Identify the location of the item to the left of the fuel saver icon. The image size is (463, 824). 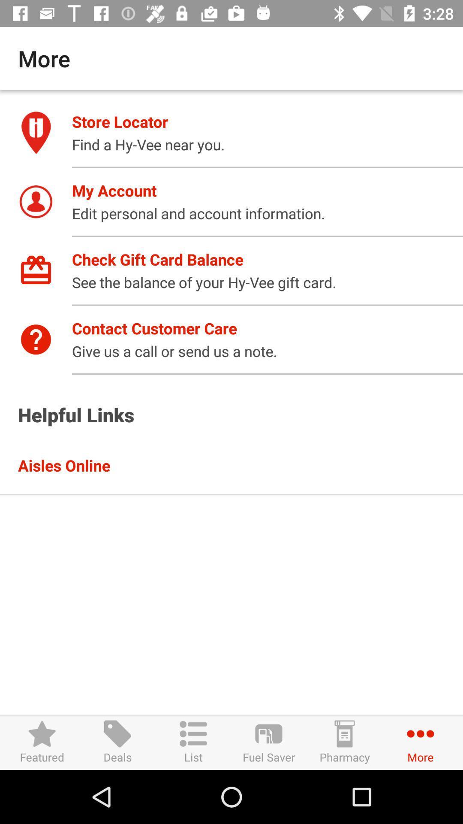
(193, 742).